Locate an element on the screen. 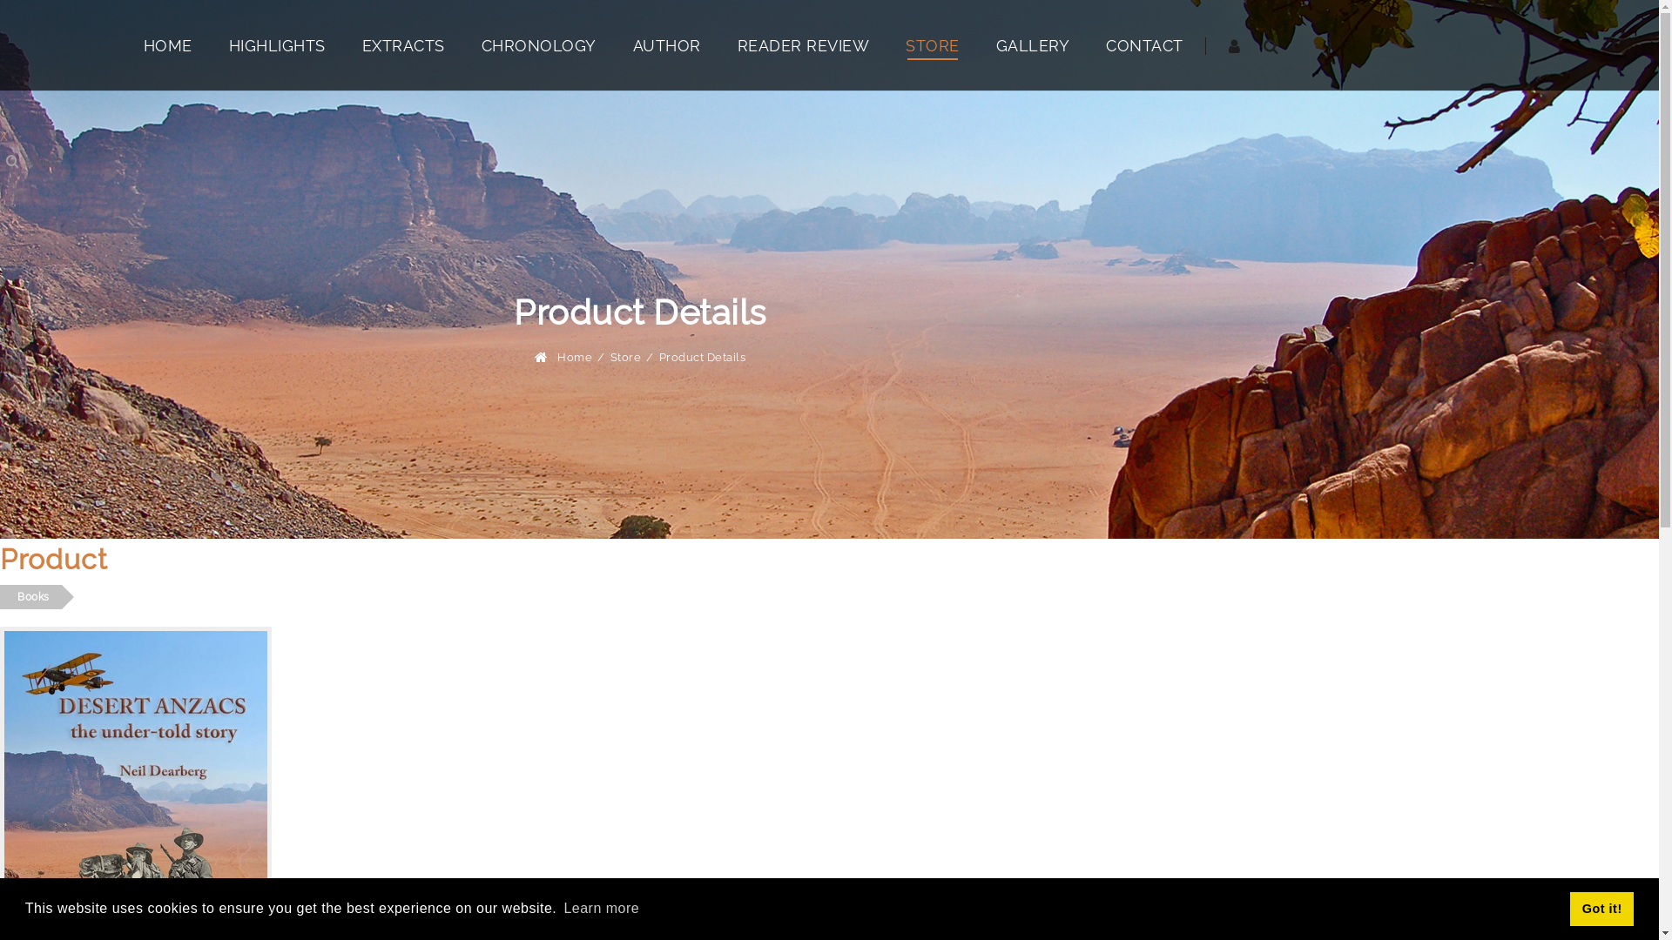  'AUTHOR' is located at coordinates (664, 44).